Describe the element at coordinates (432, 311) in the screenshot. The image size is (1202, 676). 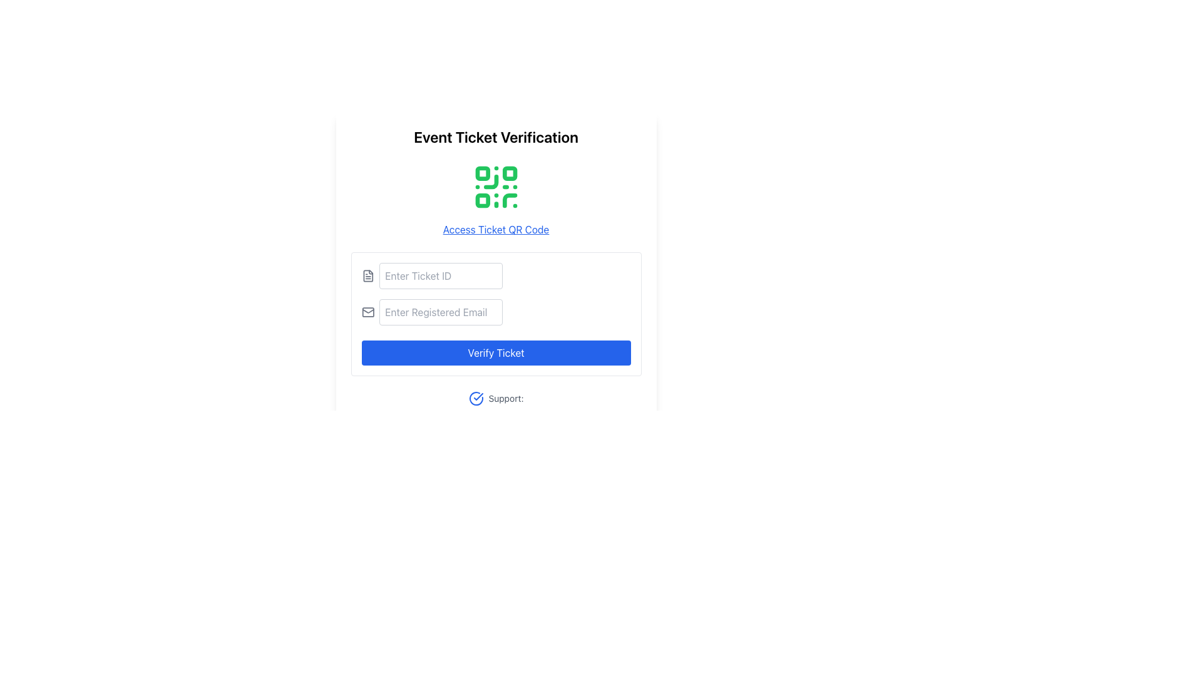
I see `the Text Input (Email) field` at that location.